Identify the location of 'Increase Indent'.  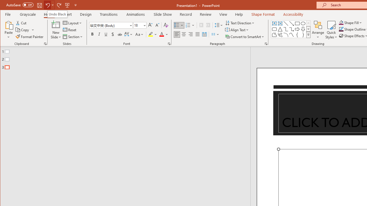
(208, 25).